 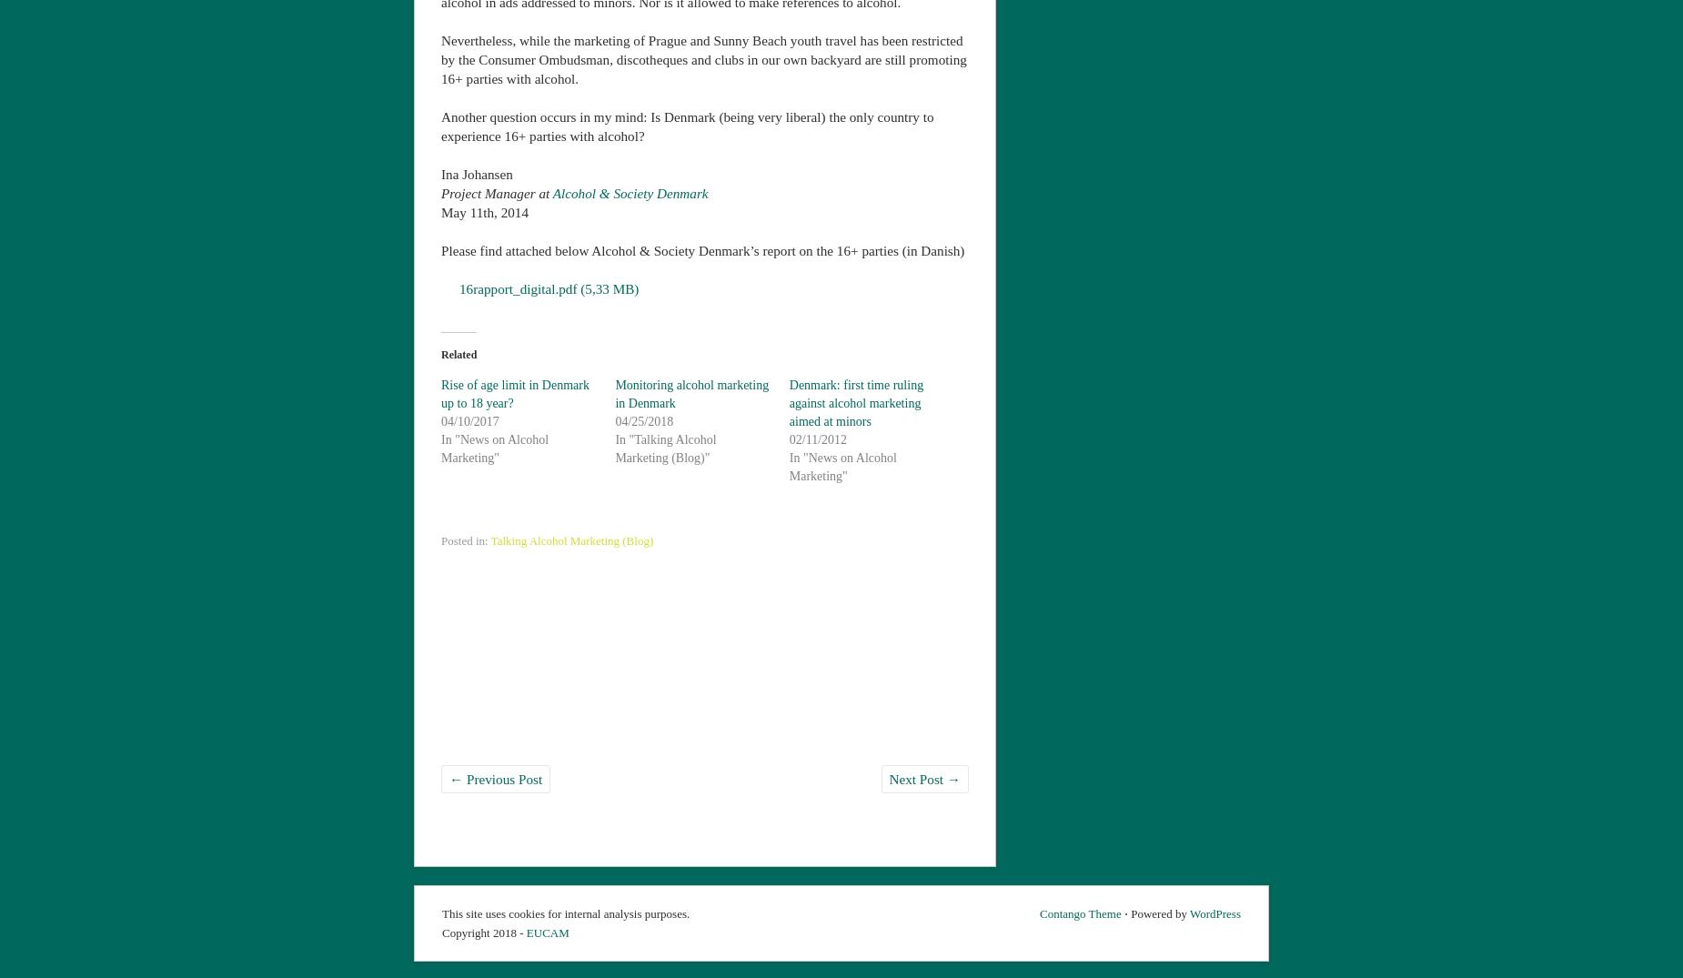 What do you see at coordinates (459, 352) in the screenshot?
I see `'Related'` at bounding box center [459, 352].